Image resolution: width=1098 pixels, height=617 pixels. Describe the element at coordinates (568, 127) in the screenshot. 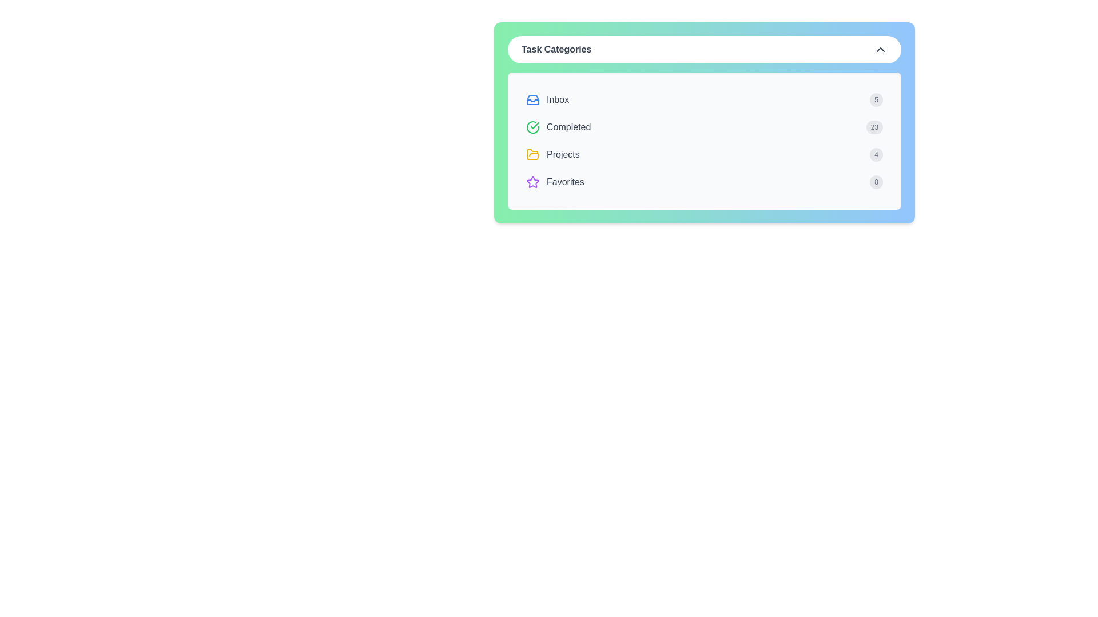

I see `the 'Completed' text label element, which is styled in gray and represents a task completion status, located in the 'Task Categories' list` at that location.